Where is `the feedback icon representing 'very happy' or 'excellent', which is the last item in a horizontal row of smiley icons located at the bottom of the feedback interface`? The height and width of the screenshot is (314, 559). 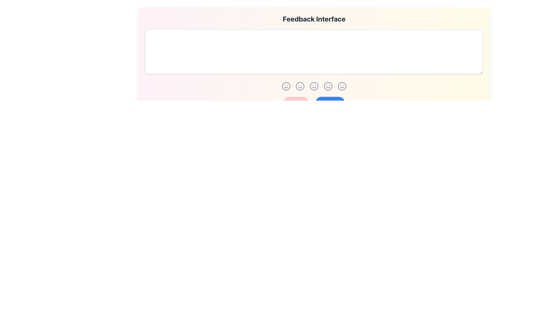
the feedback icon representing 'very happy' or 'excellent', which is the last item in a horizontal row of smiley icons located at the bottom of the feedback interface is located at coordinates (342, 86).